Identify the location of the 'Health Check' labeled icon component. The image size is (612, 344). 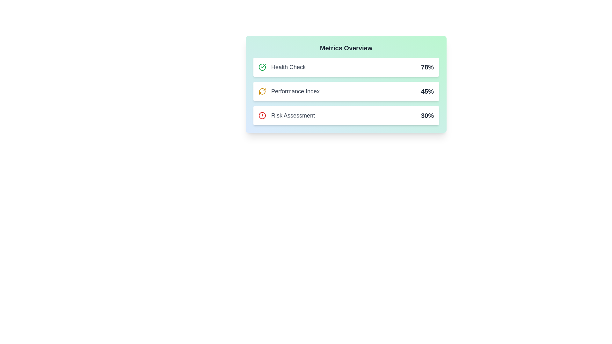
(282, 67).